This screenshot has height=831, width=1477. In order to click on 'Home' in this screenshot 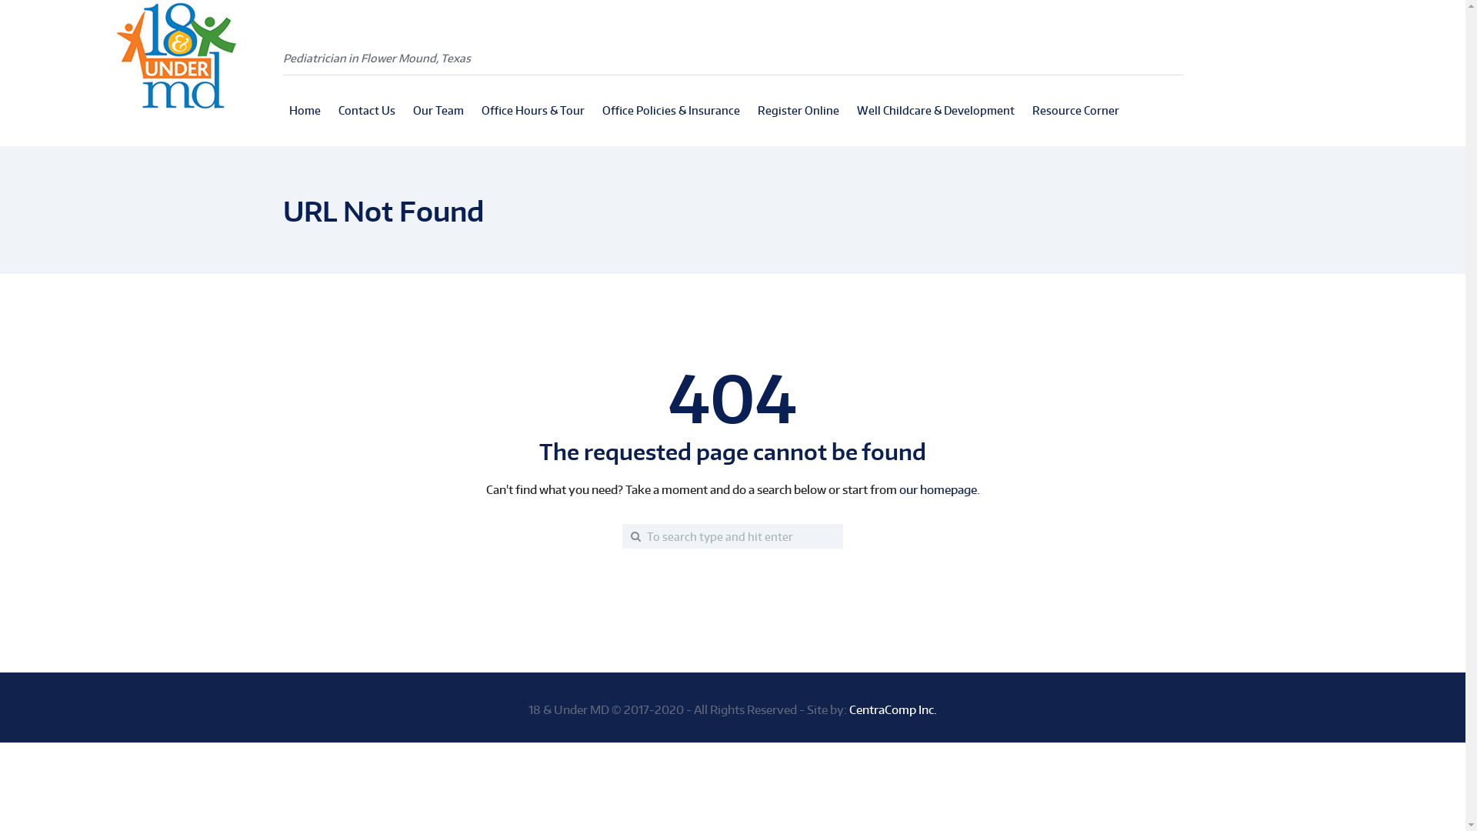, I will do `click(305, 109)`.